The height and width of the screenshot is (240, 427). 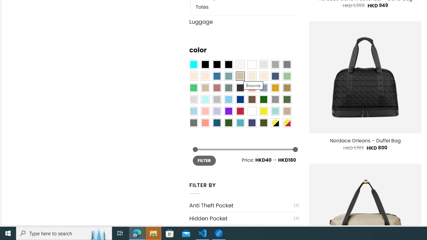 What do you see at coordinates (228, 76) in the screenshot?
I see `'Blue Sage'` at bounding box center [228, 76].